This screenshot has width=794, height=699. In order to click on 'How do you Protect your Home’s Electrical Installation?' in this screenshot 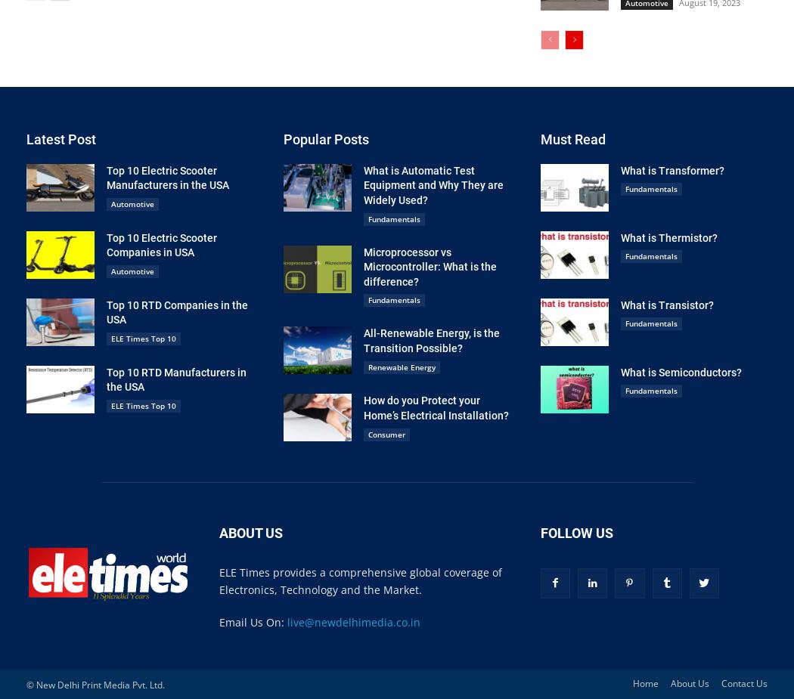, I will do `click(364, 408)`.